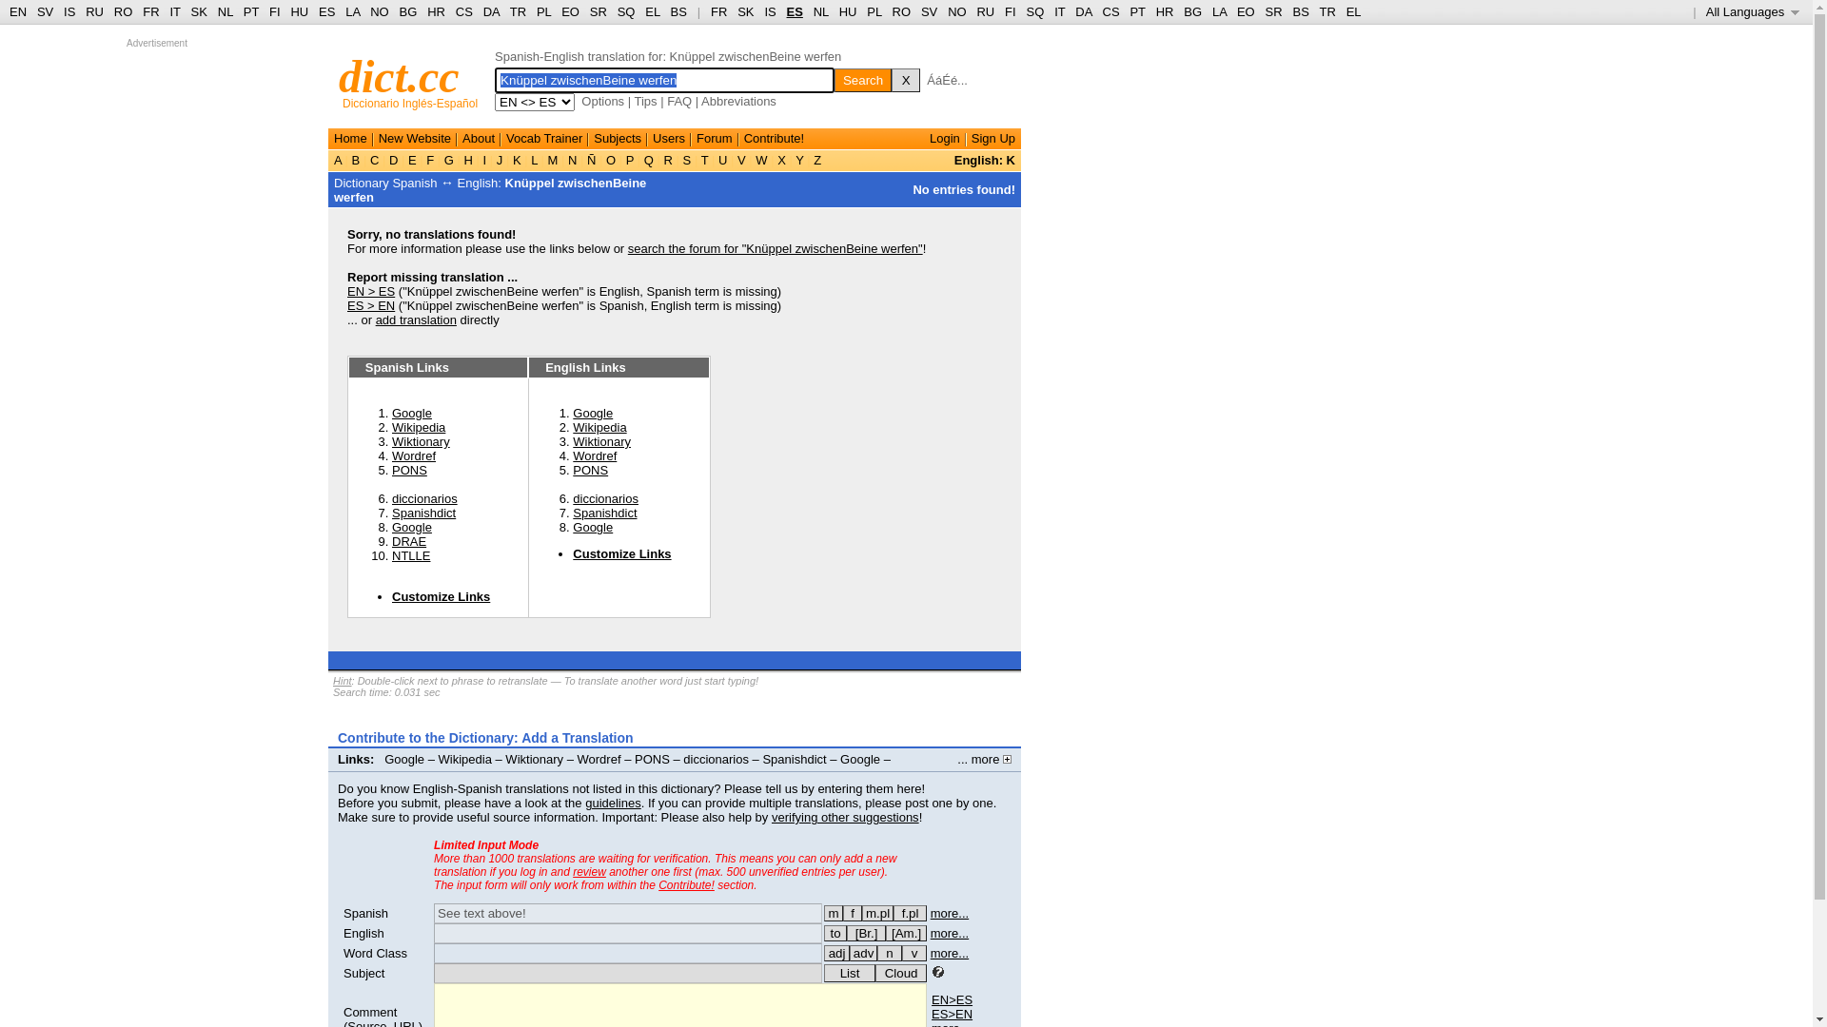 The image size is (1827, 1027). Describe the element at coordinates (905, 932) in the screenshot. I see `'[Am.]'` at that location.